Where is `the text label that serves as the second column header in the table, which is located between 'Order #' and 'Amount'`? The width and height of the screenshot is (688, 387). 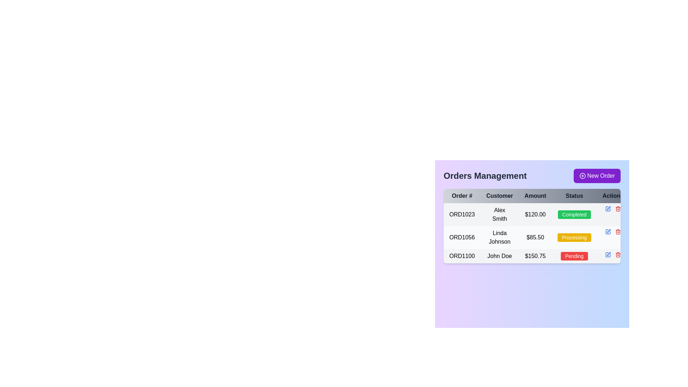 the text label that serves as the second column header in the table, which is located between 'Order #' and 'Amount' is located at coordinates (499, 196).